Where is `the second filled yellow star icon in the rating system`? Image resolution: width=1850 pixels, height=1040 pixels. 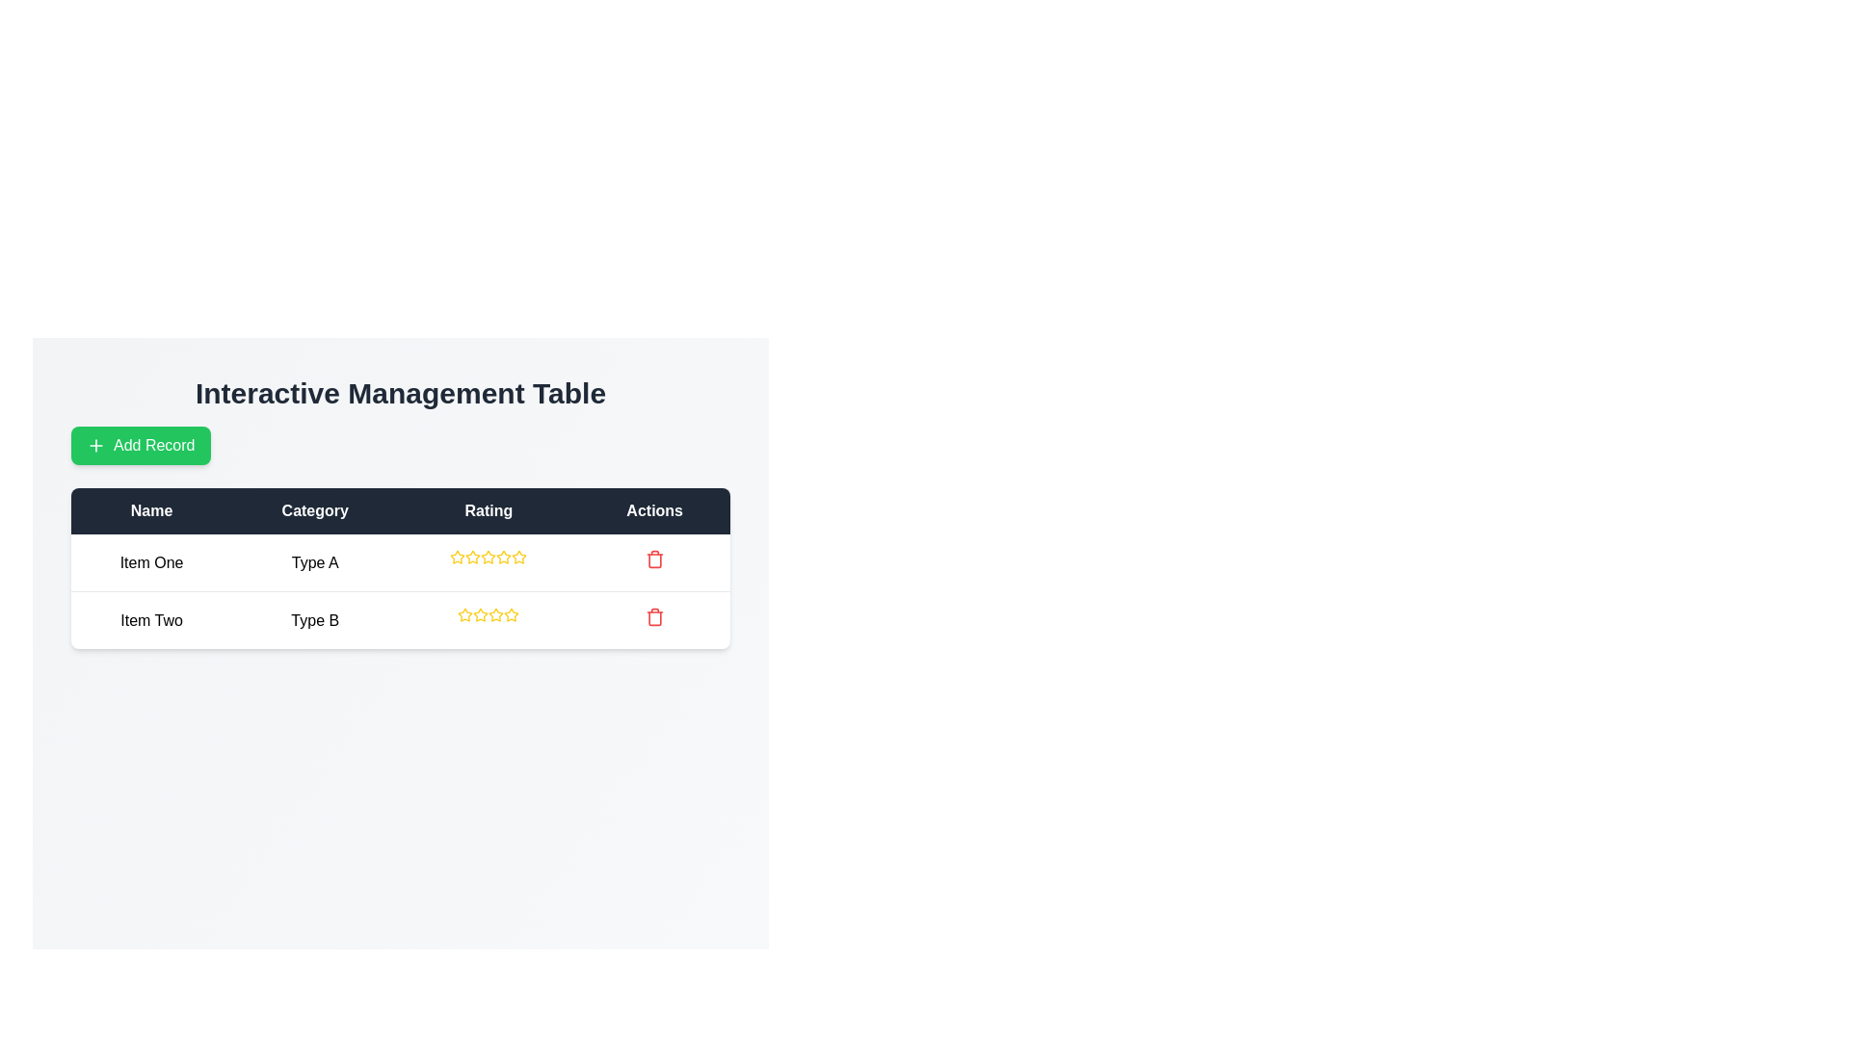
the second filled yellow star icon in the rating system is located at coordinates (512, 614).